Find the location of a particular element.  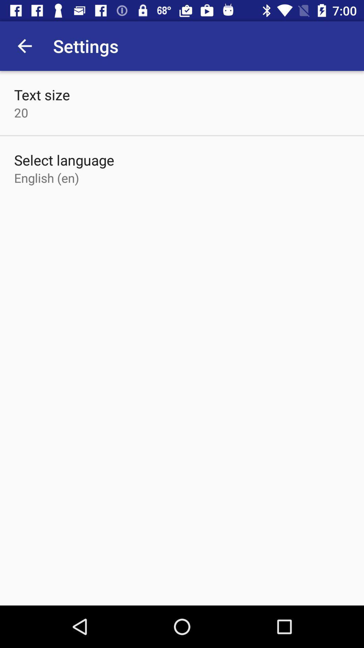

the item above select language is located at coordinates (21, 112).